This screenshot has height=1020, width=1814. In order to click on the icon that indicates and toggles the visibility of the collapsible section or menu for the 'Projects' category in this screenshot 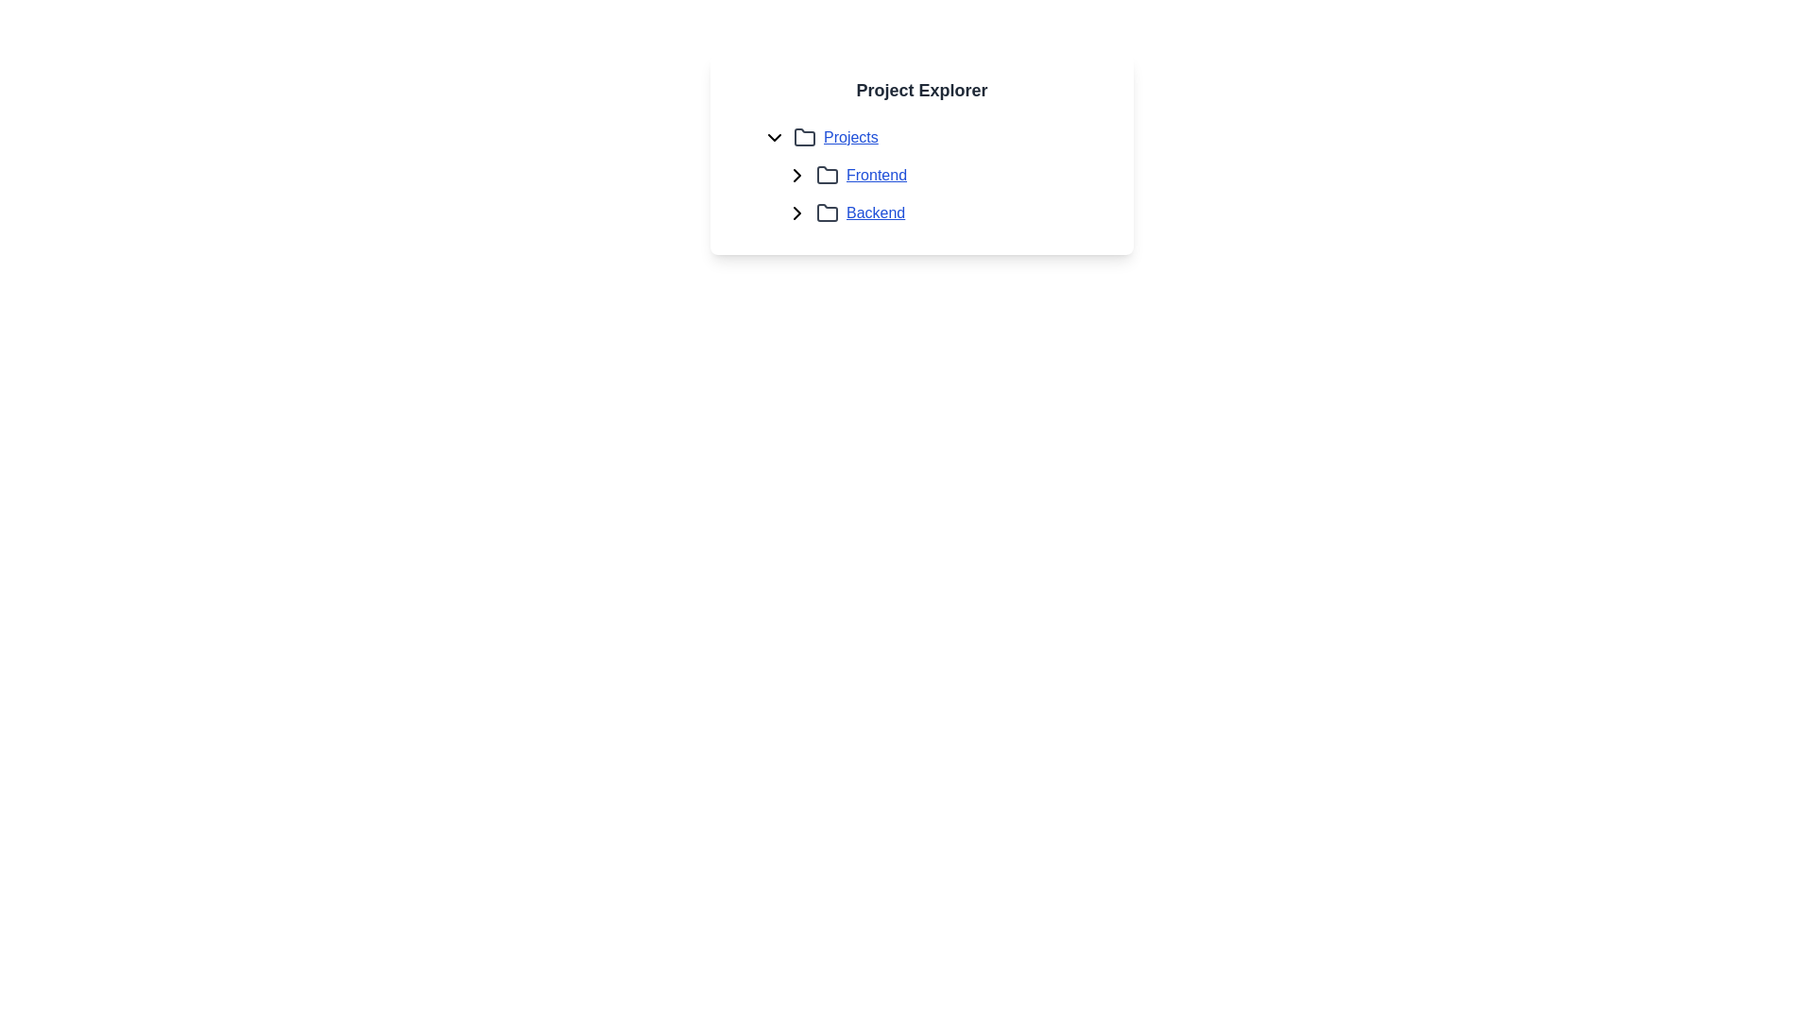, I will do `click(775, 137)`.